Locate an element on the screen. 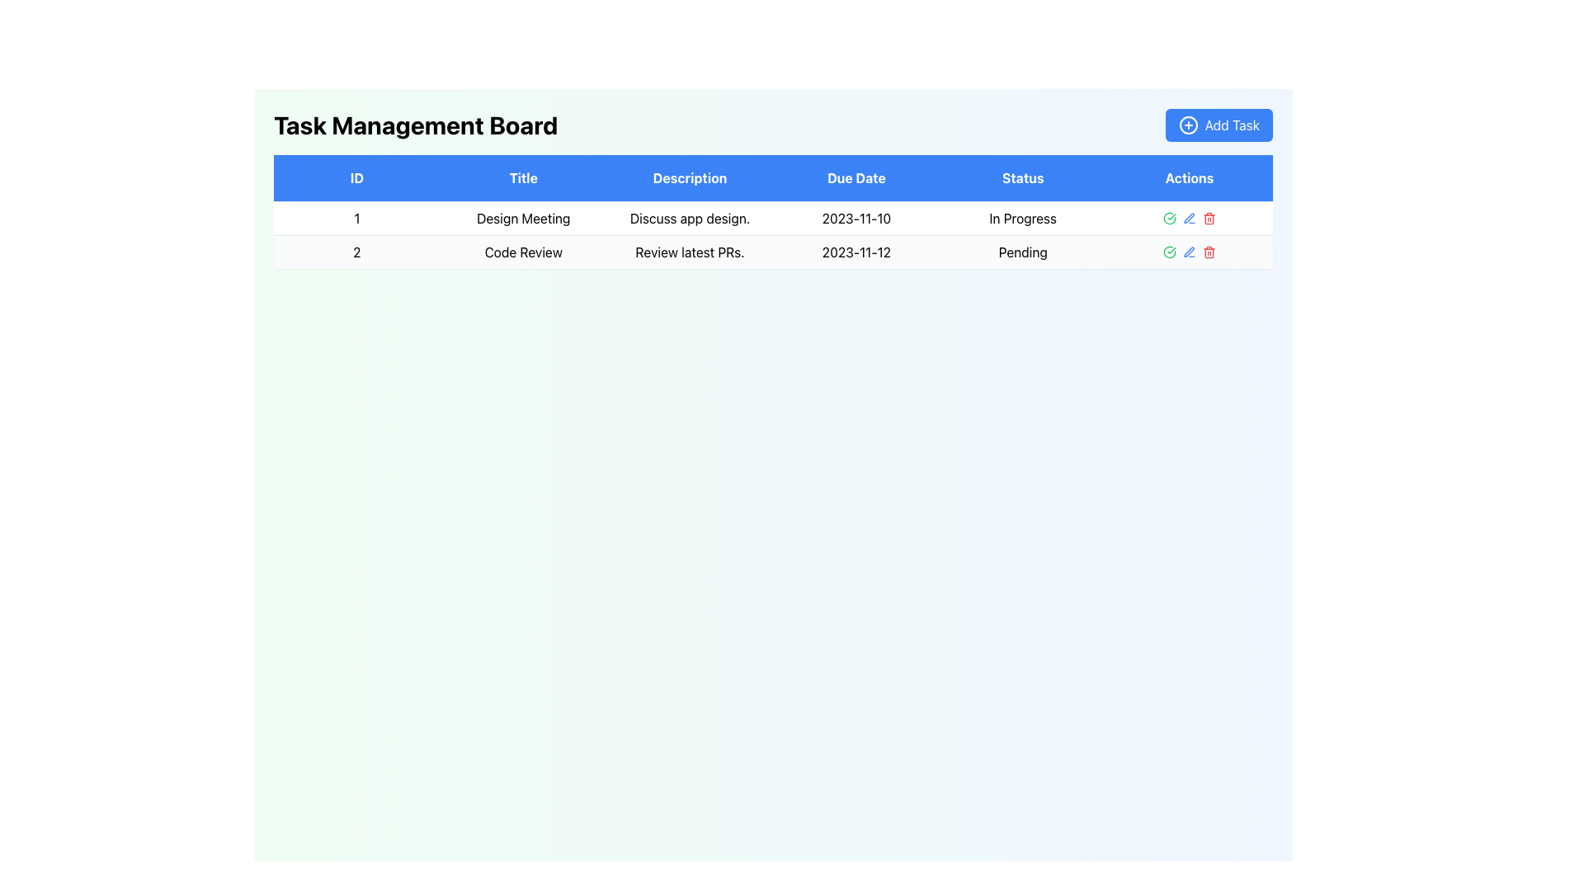 Image resolution: width=1584 pixels, height=891 pixels. textual information displayed in the task management table row for task ID '1', titled 'Design Meeting', with description 'Discuss app design.', date '2023-11-10', and status 'In Progress' is located at coordinates (772, 218).